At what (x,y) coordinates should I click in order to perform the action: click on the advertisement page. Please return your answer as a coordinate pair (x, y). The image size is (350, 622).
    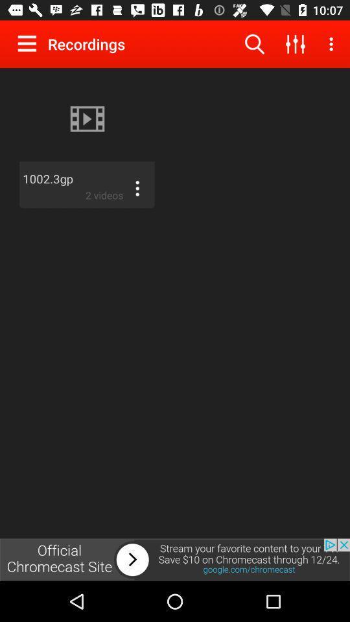
    Looking at the image, I should click on (175, 559).